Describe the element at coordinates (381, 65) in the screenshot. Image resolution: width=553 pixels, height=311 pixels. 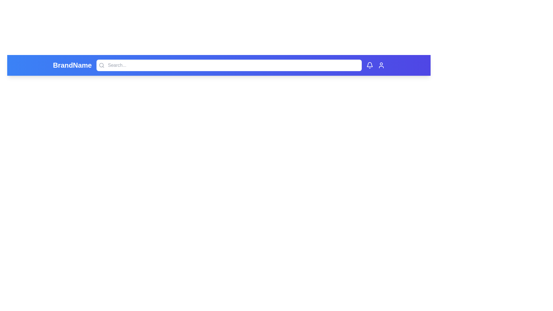
I see `the user icon in the top-right corner of the app bar` at that location.